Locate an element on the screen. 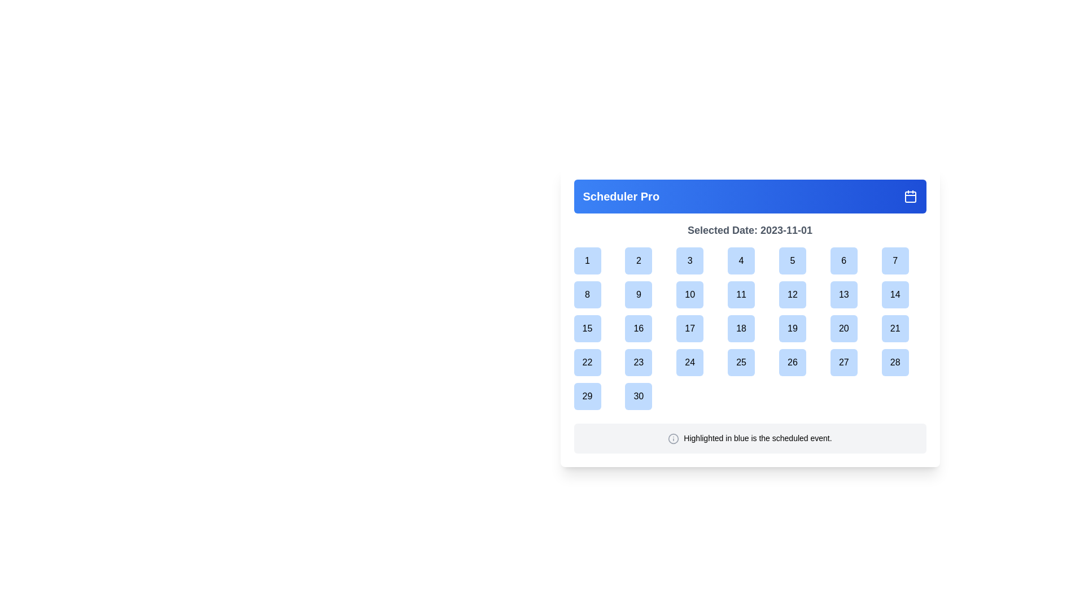  the Tooltip providing contextual information about the absence of events for the '20' cell in the calendar, located below the cell in the third row and sixth column is located at coordinates (854, 318).